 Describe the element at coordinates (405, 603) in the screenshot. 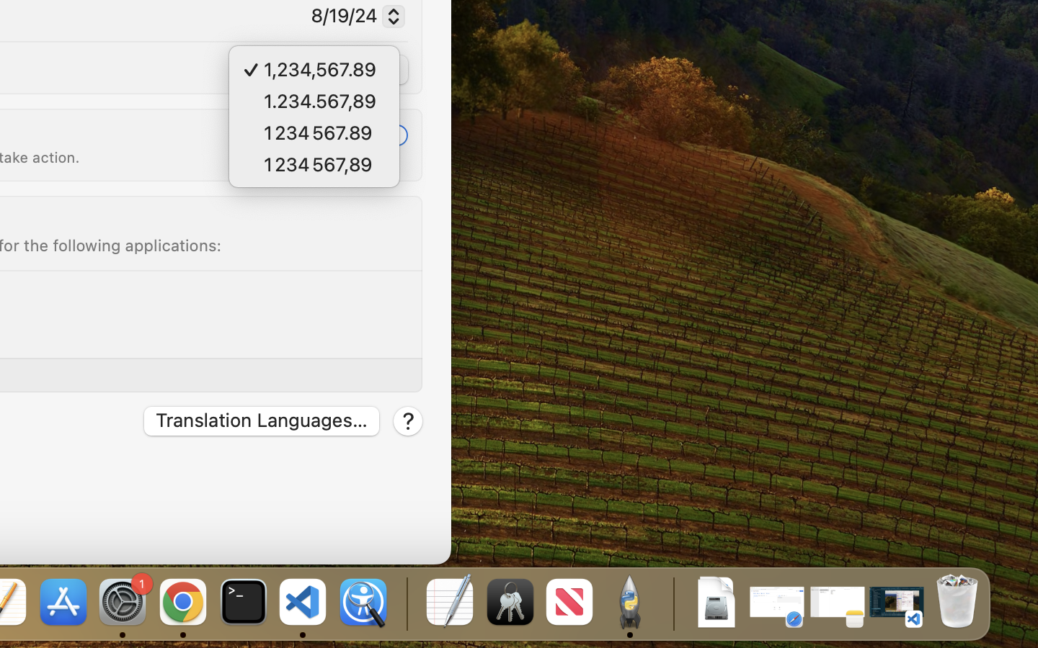

I see `'0.4285714328289032'` at that location.